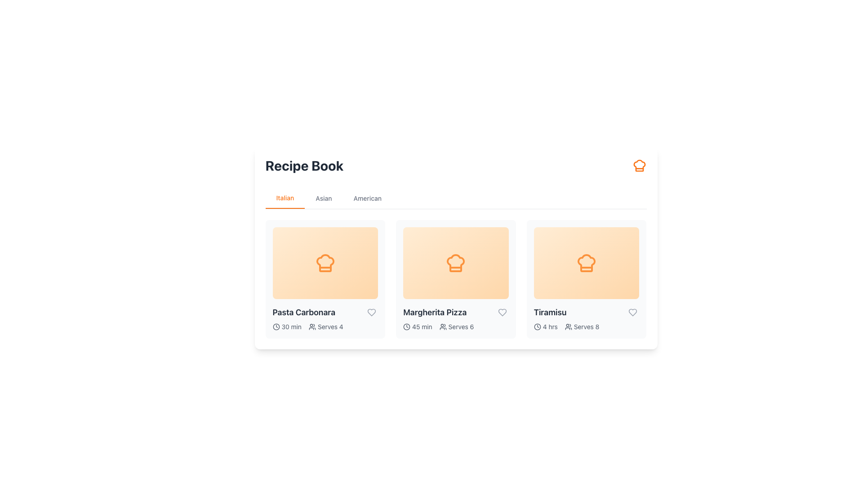 The width and height of the screenshot is (863, 485). Describe the element at coordinates (639, 166) in the screenshot. I see `the graphic shape representing part of the chef hat icon located at the top-center of the 'Tiramisu' card in the food items section` at that location.